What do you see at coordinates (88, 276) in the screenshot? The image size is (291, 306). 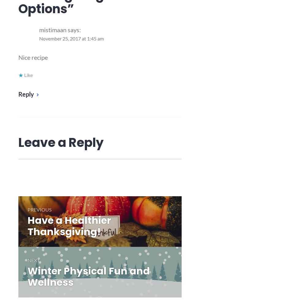 I see `'Winter Physical Fun and Wellness'` at bounding box center [88, 276].